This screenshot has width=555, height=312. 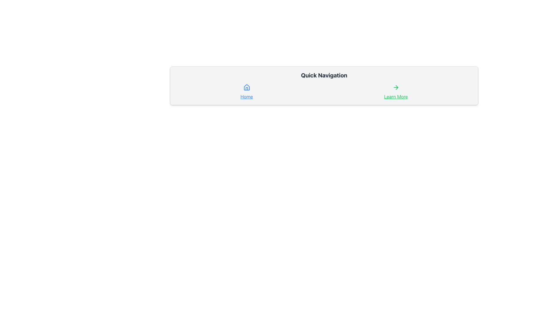 What do you see at coordinates (247, 88) in the screenshot?
I see `the Home icon located at the top left of the Quick Navigation section` at bounding box center [247, 88].